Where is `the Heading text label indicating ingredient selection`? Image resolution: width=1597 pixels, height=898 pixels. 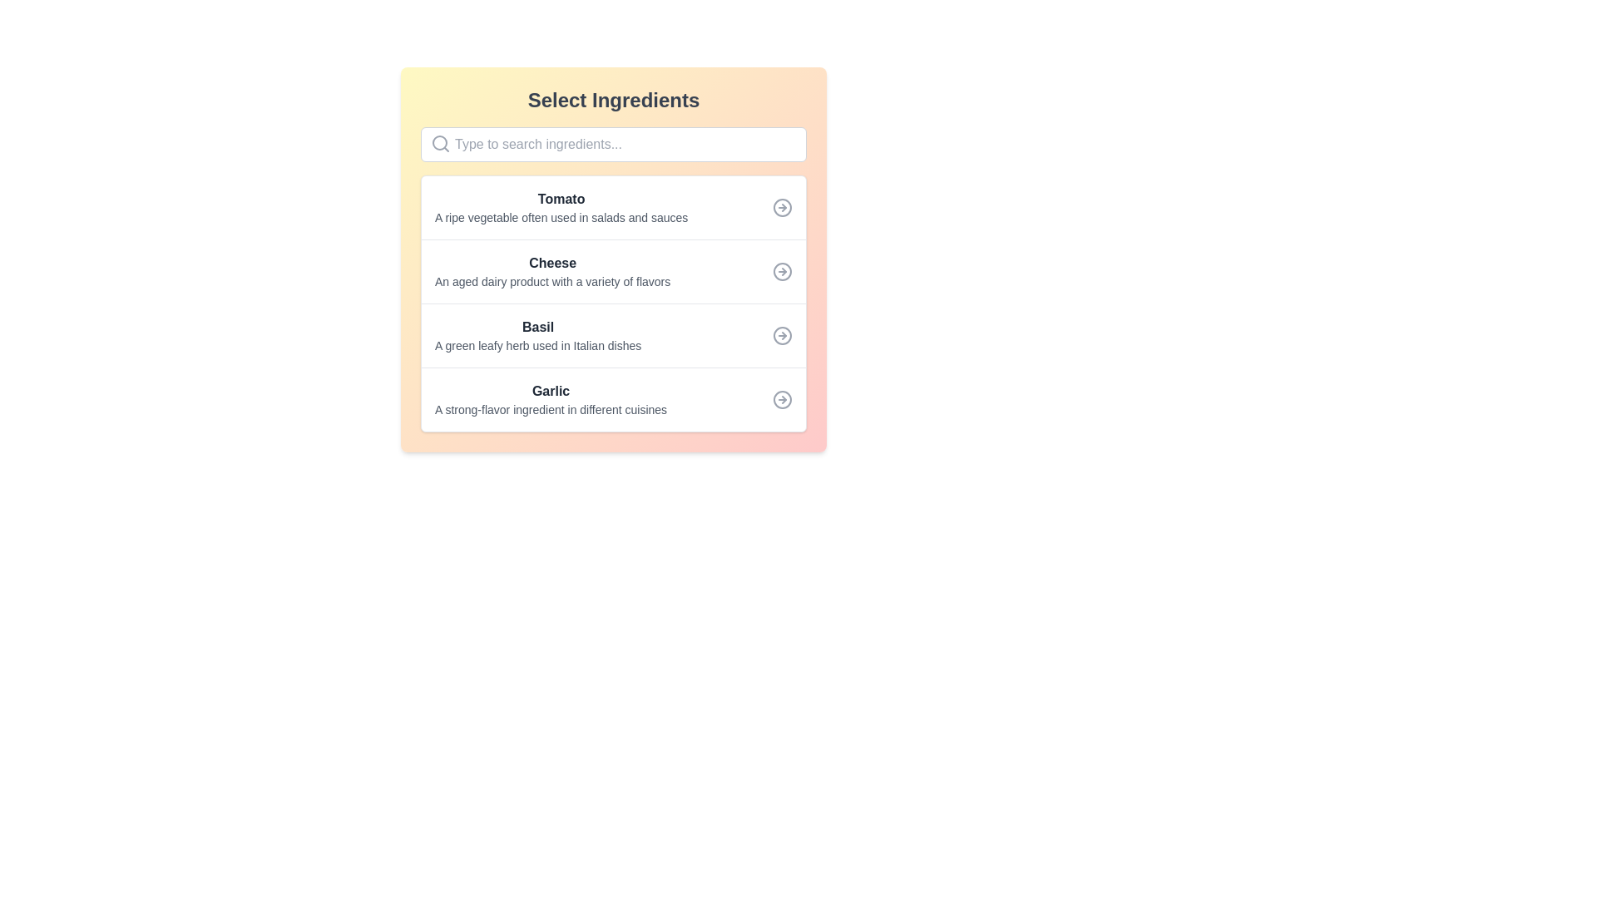 the Heading text label indicating ingredient selection is located at coordinates (613, 100).